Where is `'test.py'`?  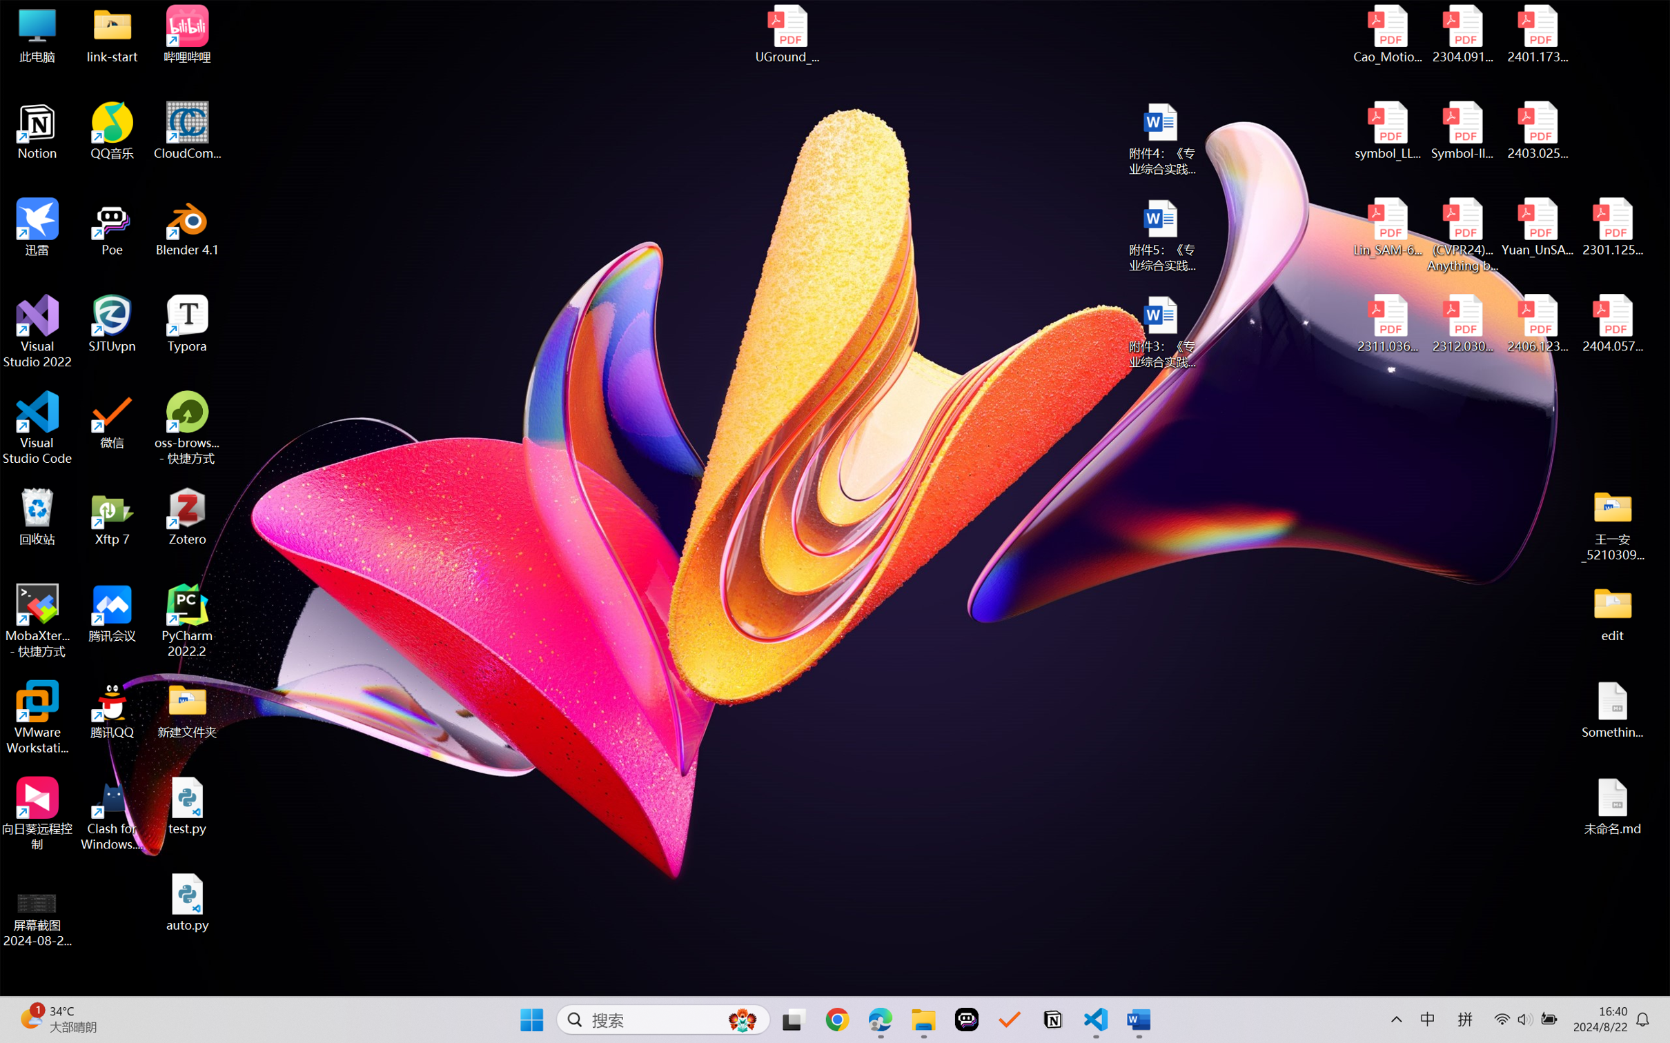
'test.py' is located at coordinates (187, 805).